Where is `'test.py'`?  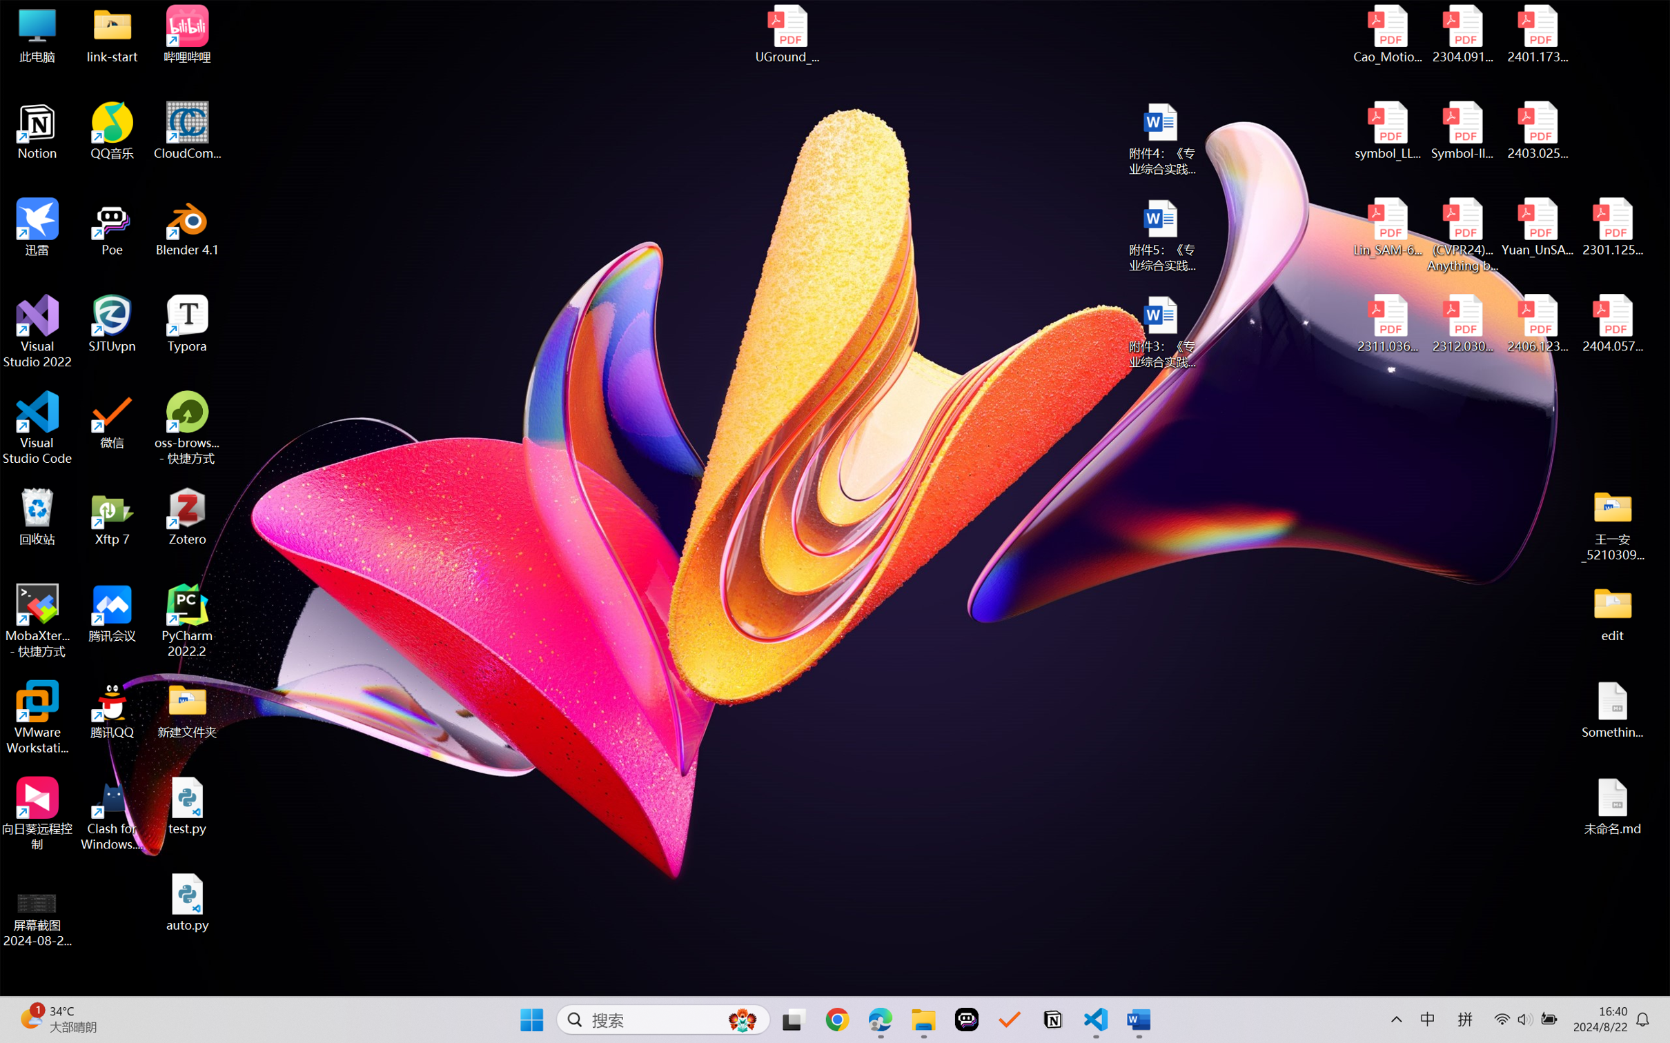
'test.py' is located at coordinates (187, 805).